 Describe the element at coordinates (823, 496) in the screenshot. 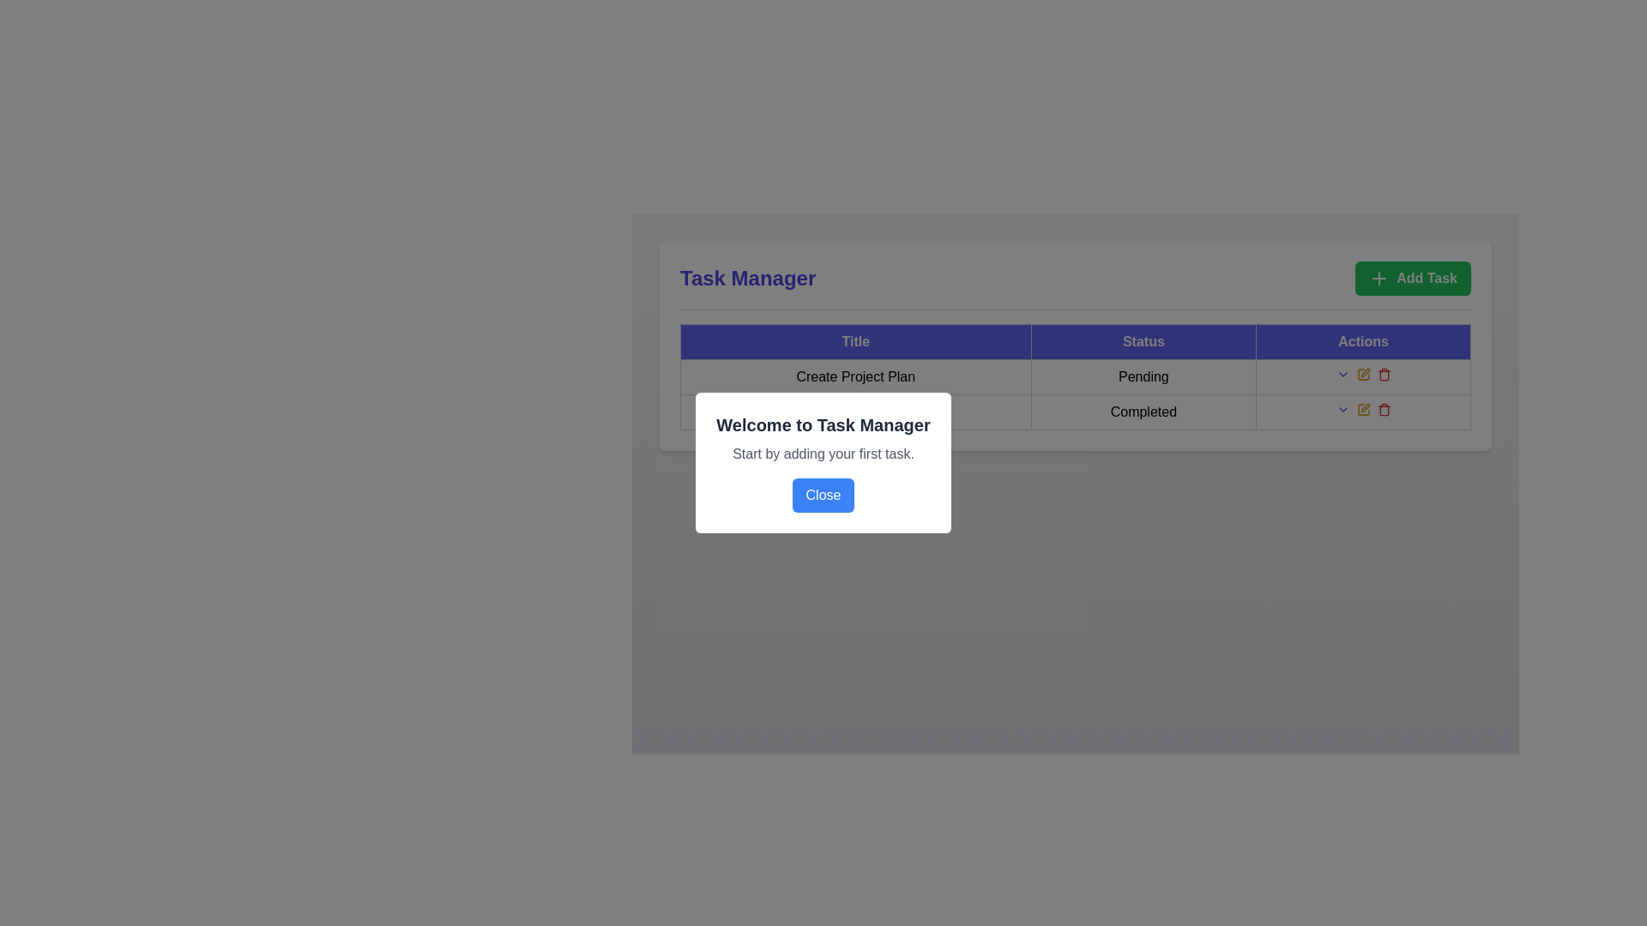

I see `the close button located at the bottom center of the modal dialog that contains the text 'Welcome to Task Manager'` at that location.